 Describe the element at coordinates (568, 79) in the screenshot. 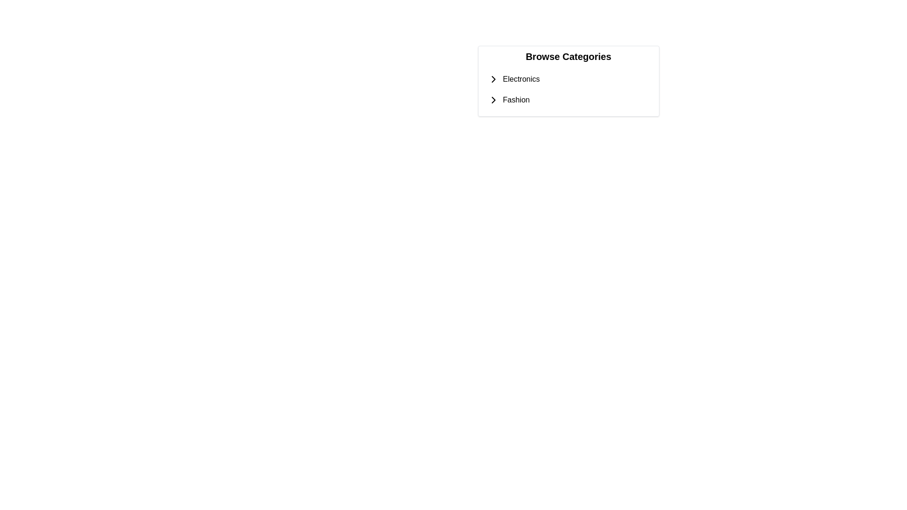

I see `the 'Electronics' text label` at that location.